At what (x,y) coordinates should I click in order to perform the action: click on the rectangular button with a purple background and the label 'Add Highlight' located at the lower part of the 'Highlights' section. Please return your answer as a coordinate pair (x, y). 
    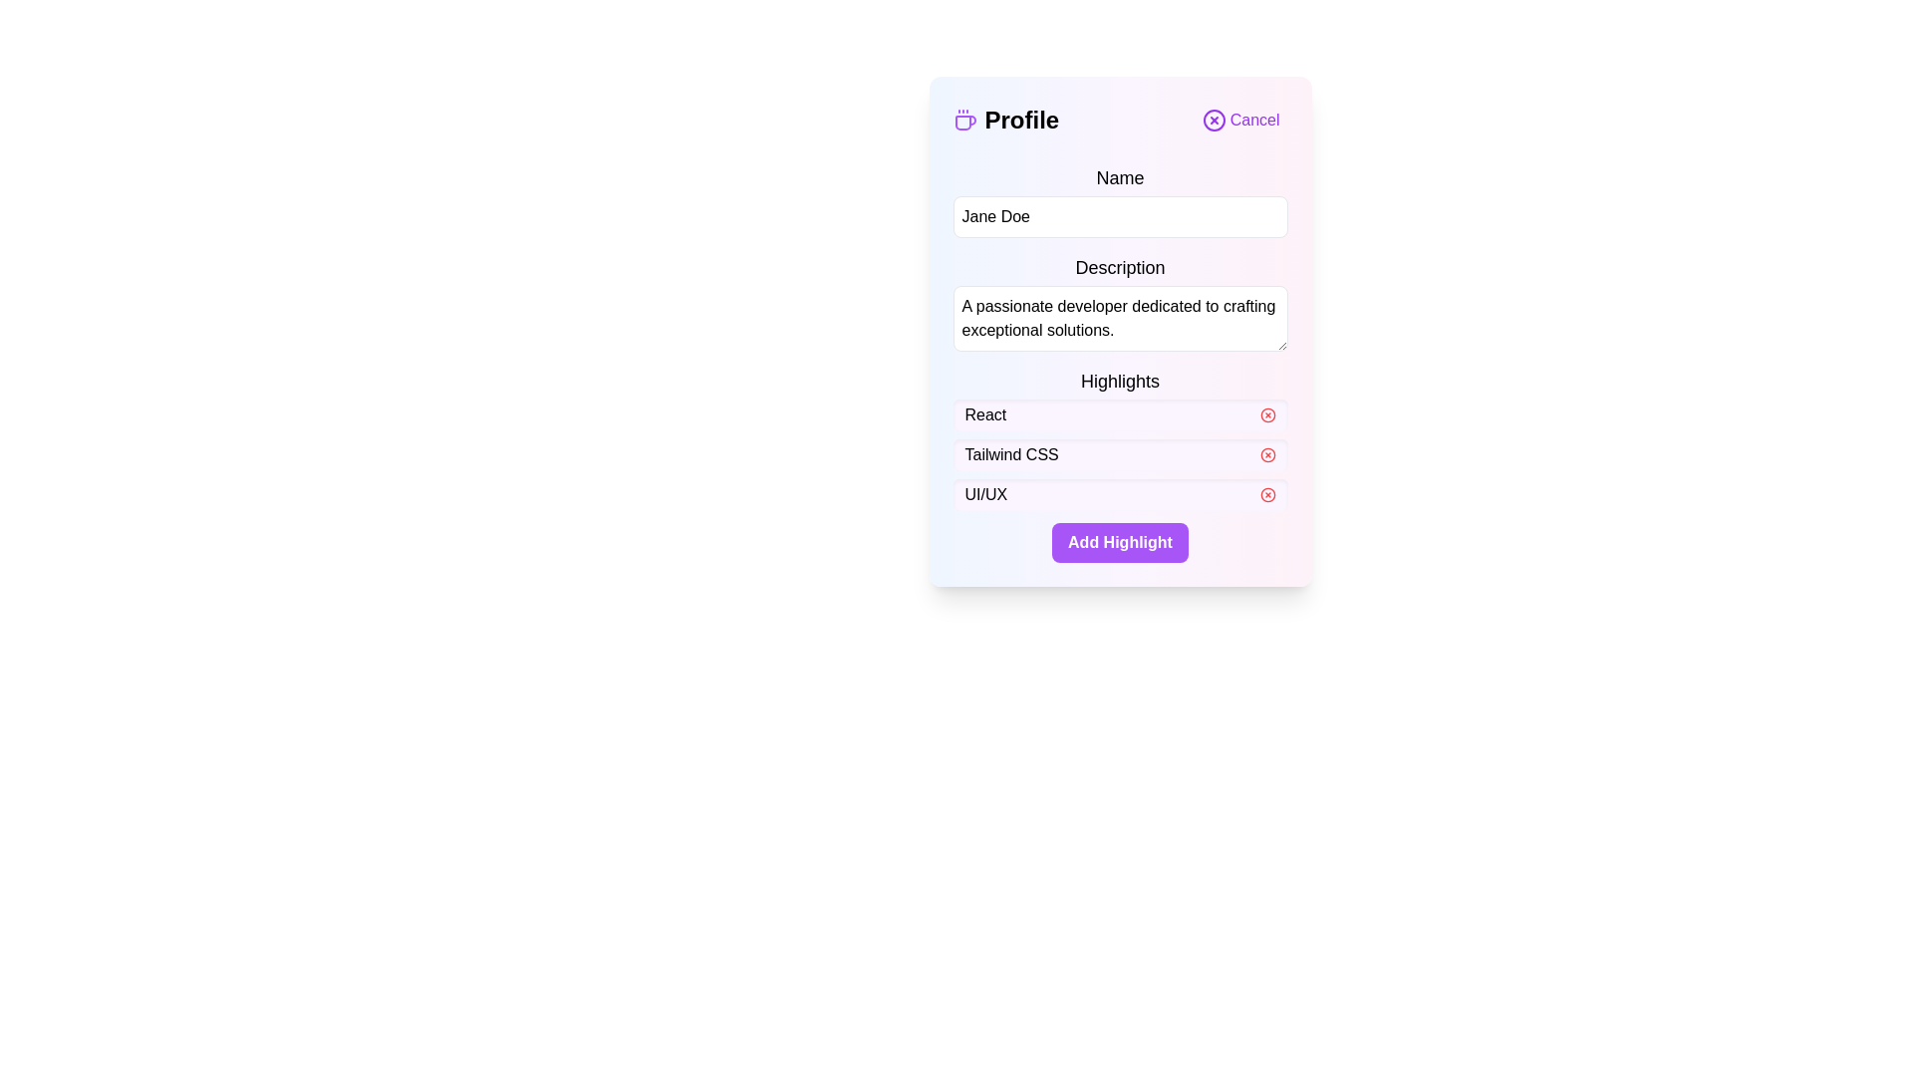
    Looking at the image, I should click on (1120, 542).